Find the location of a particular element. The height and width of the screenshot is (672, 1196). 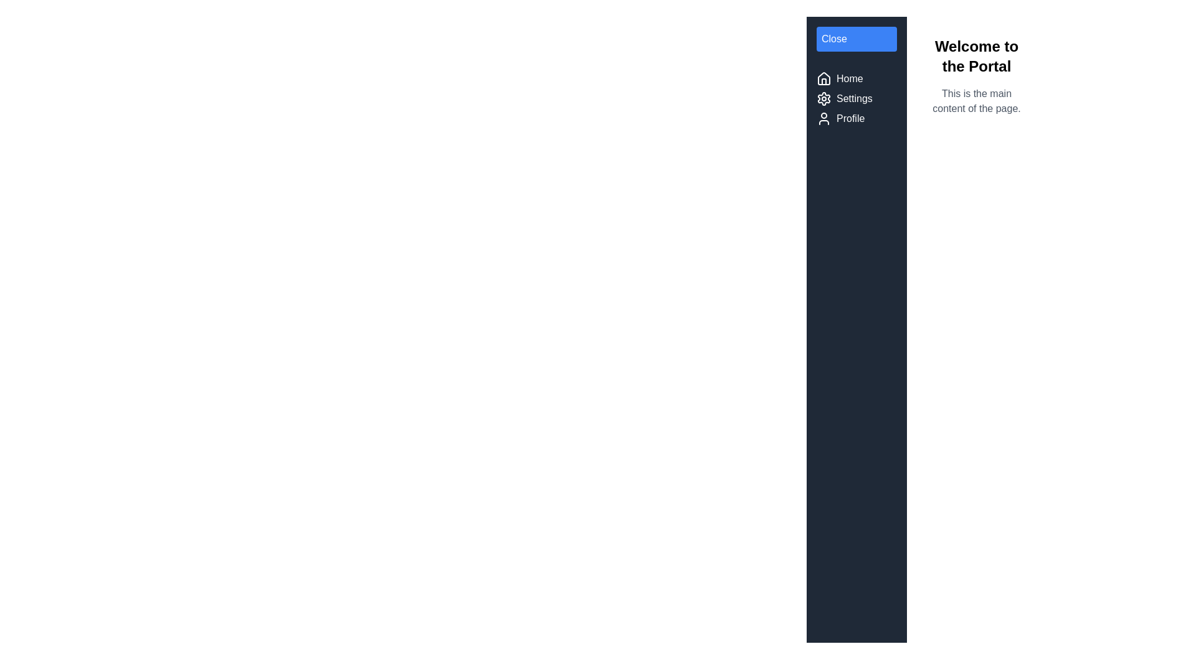

the 'Home' text label, which is displayed on a dark-blue background and is located next to a house icon in the vertical navigation menu is located at coordinates (849, 79).